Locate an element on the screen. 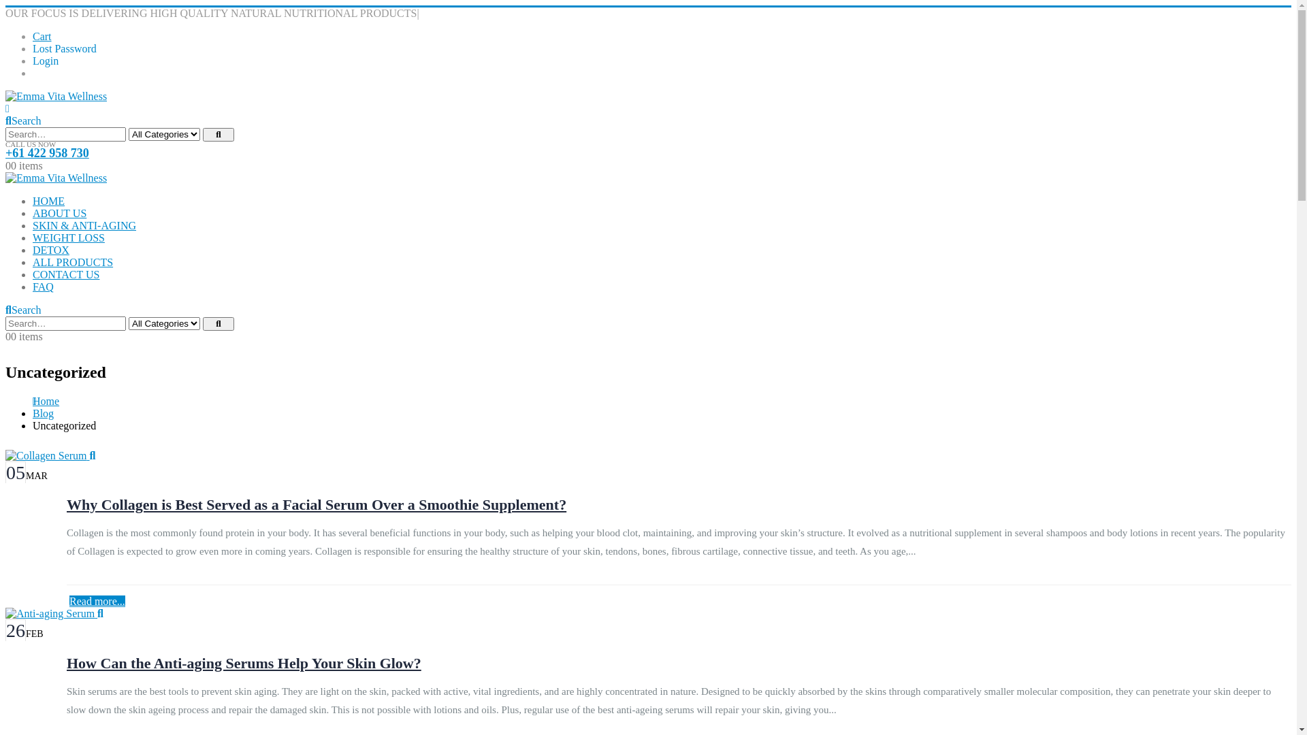  'Search' is located at coordinates (219, 323).